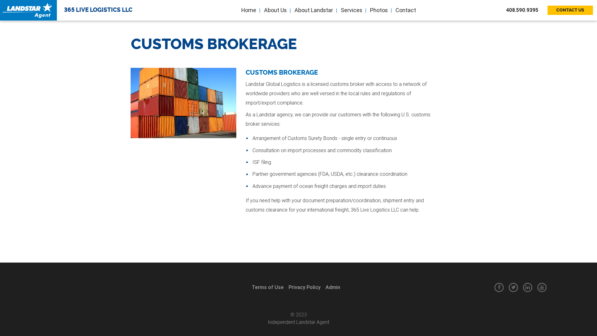 The width and height of the screenshot is (597, 336). What do you see at coordinates (274, 10) in the screenshot?
I see `'About Us'` at bounding box center [274, 10].